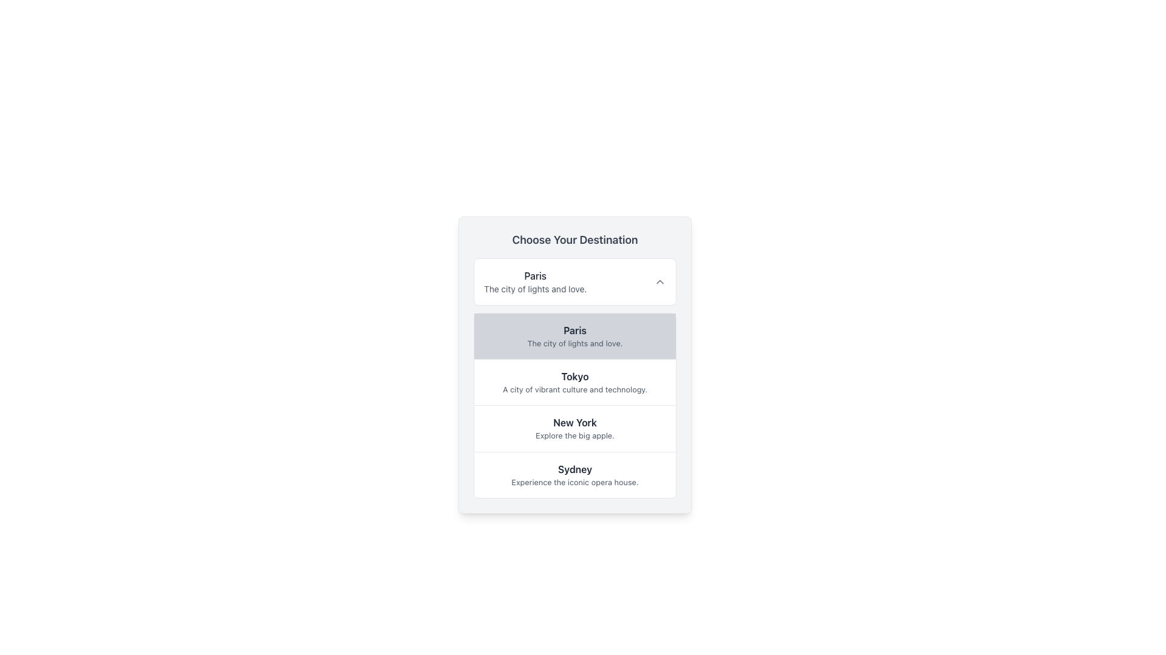 This screenshot has width=1166, height=655. Describe the element at coordinates (574, 481) in the screenshot. I see `the descriptive text label for the 'Sydney' destination, which is located directly below the 'Sydney' text in the destination selection card` at that location.